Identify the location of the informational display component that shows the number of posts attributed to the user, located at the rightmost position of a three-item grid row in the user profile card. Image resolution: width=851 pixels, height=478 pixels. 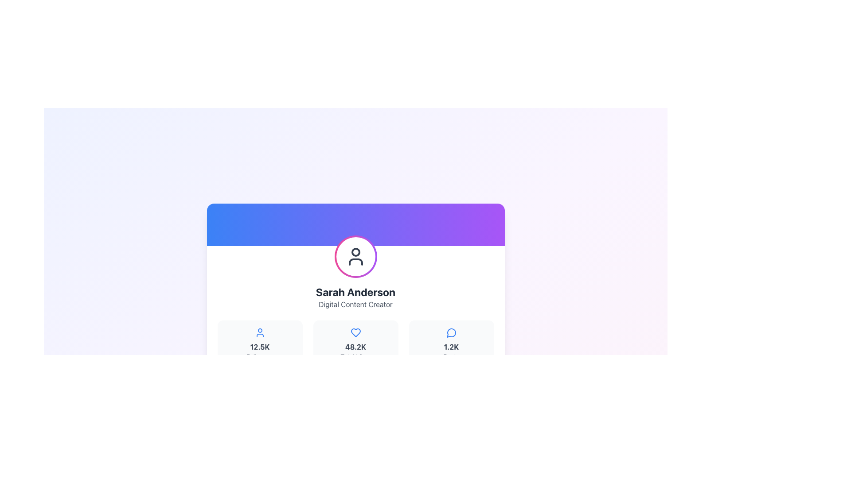
(451, 344).